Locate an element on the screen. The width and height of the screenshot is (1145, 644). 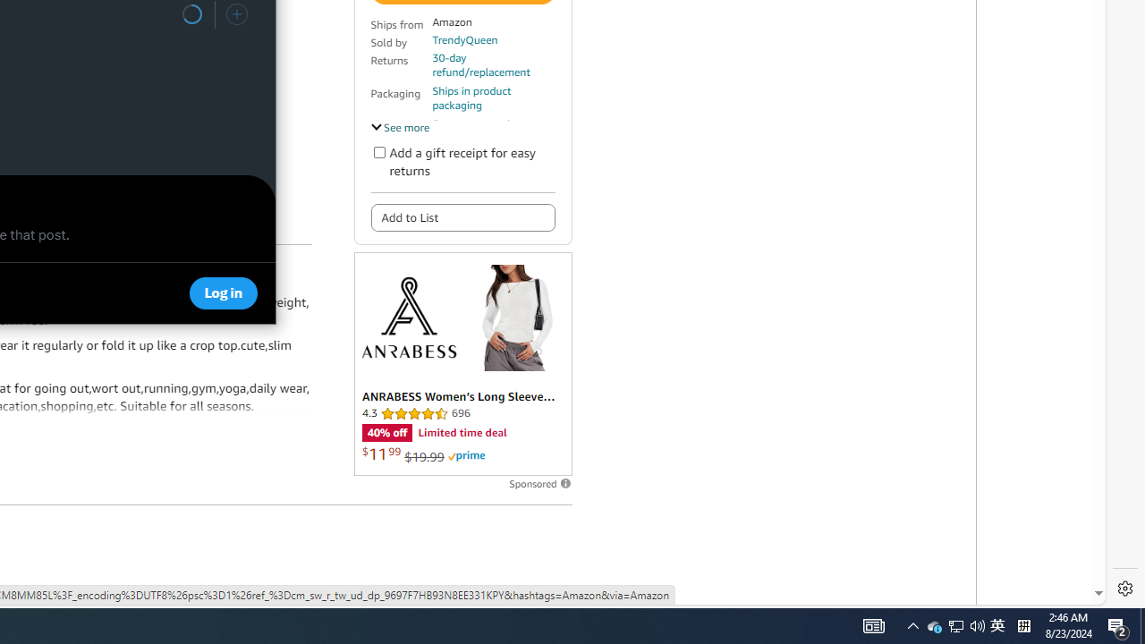
'Notification Chevron' is located at coordinates (912, 624).